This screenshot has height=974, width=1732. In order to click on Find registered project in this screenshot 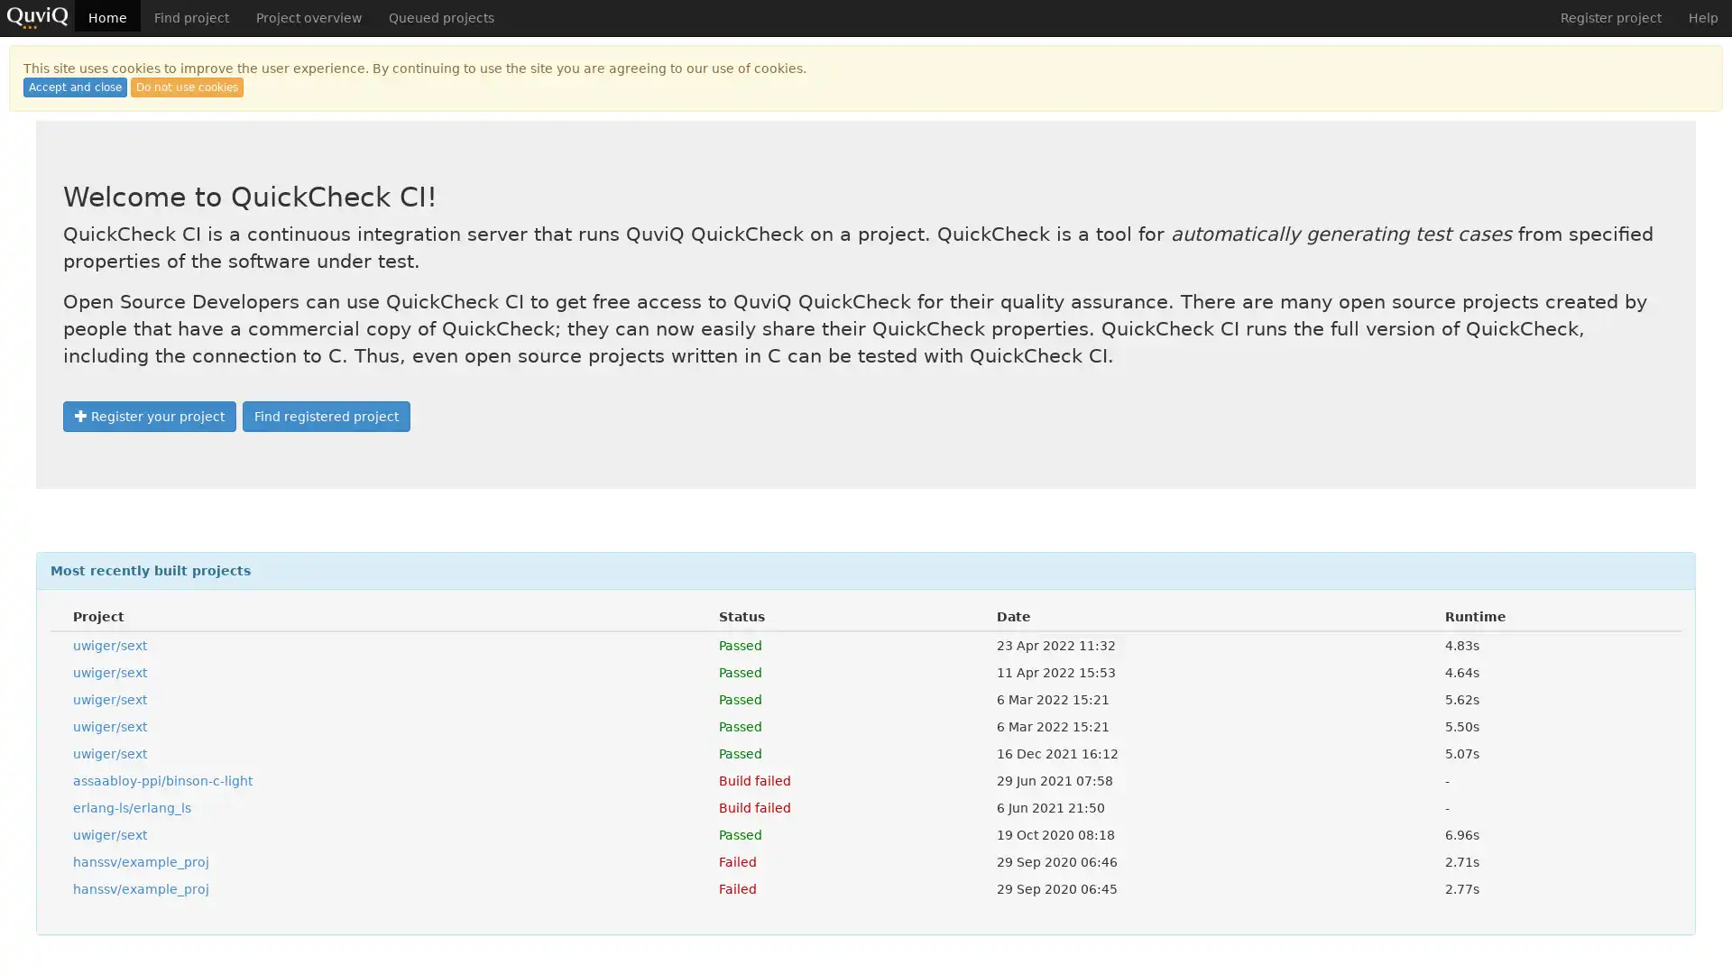, I will do `click(326, 417)`.